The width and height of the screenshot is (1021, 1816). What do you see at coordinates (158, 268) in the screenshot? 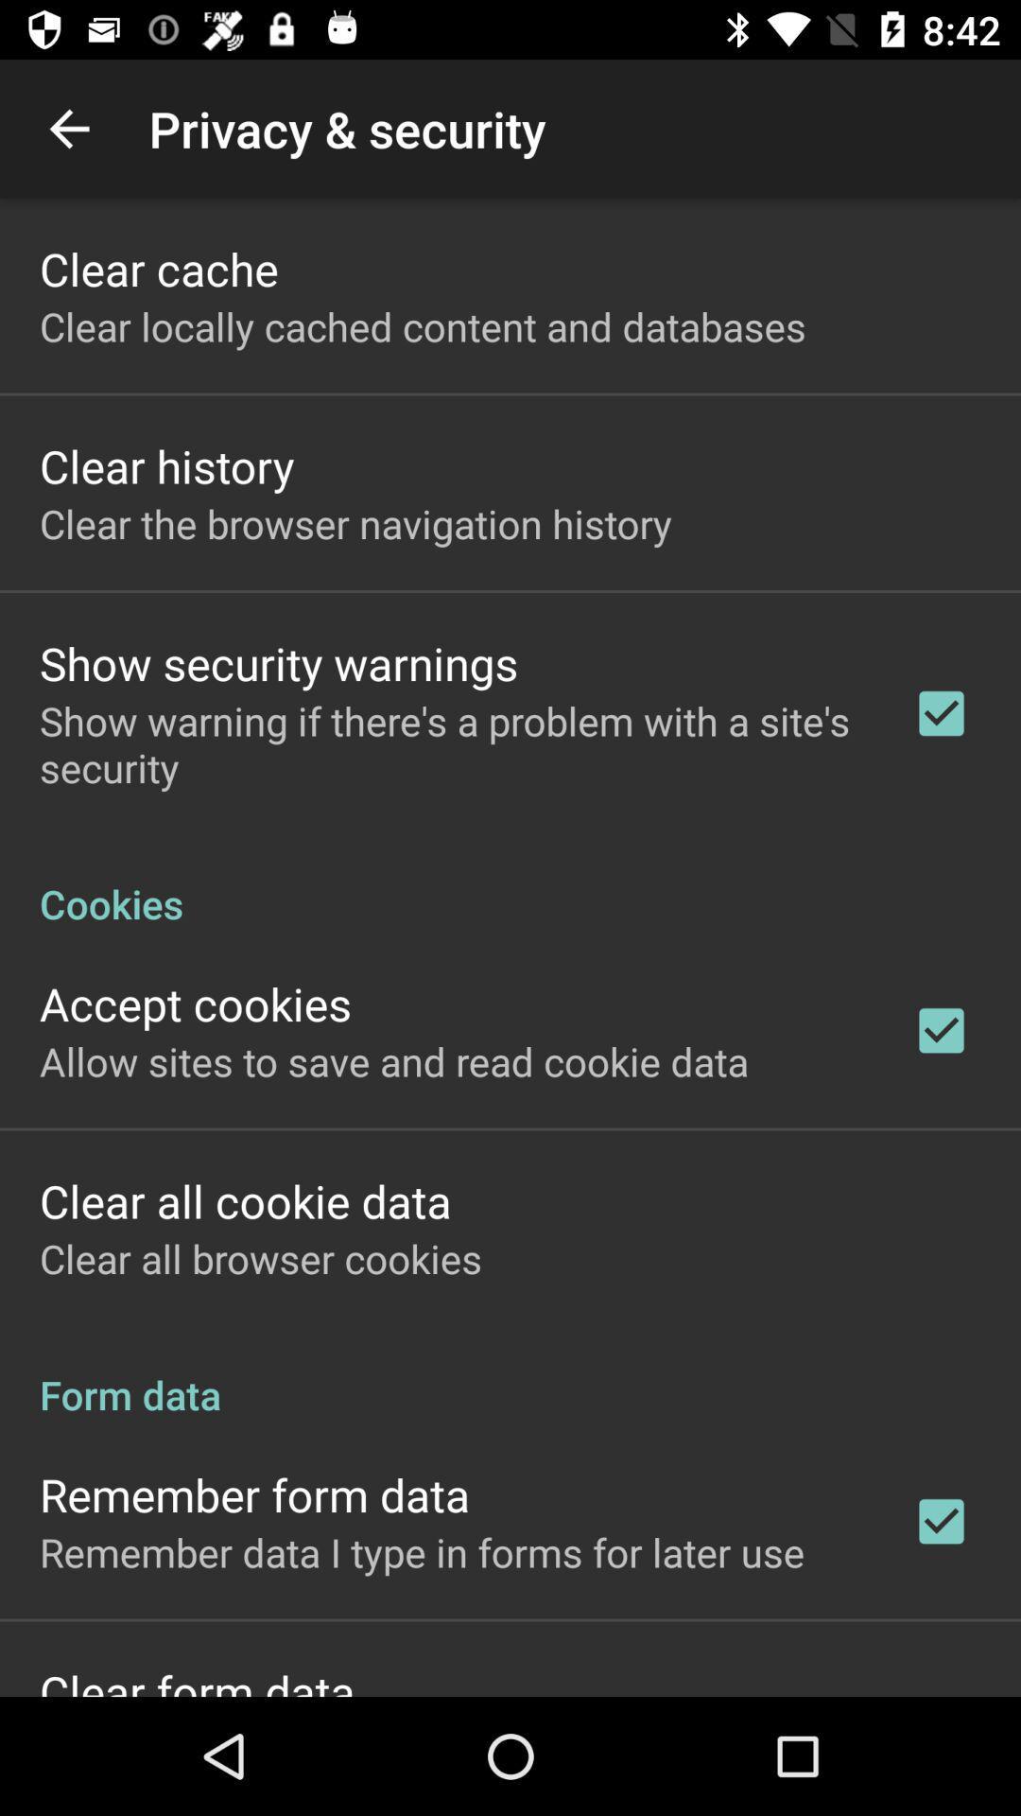
I see `the clear cache item` at bounding box center [158, 268].